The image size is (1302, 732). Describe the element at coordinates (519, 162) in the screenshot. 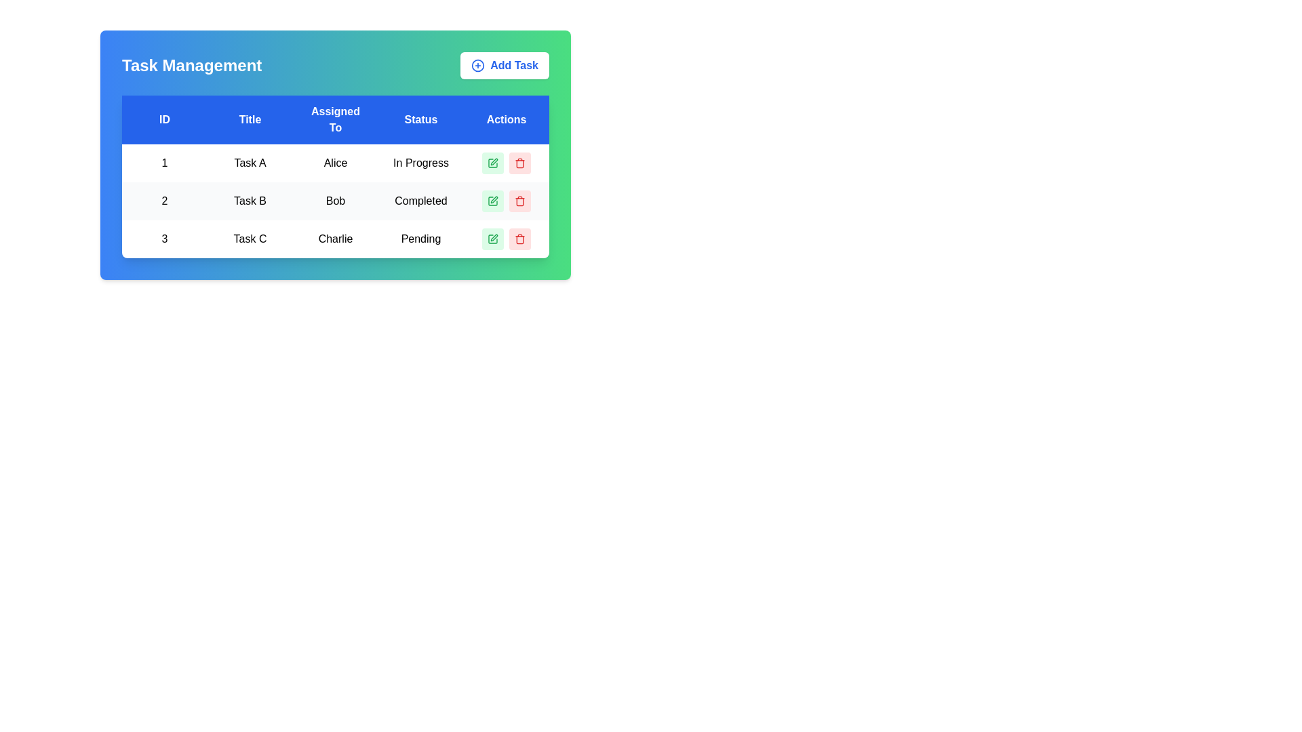

I see `the delete button in the 'Actions' column of Task B` at that location.